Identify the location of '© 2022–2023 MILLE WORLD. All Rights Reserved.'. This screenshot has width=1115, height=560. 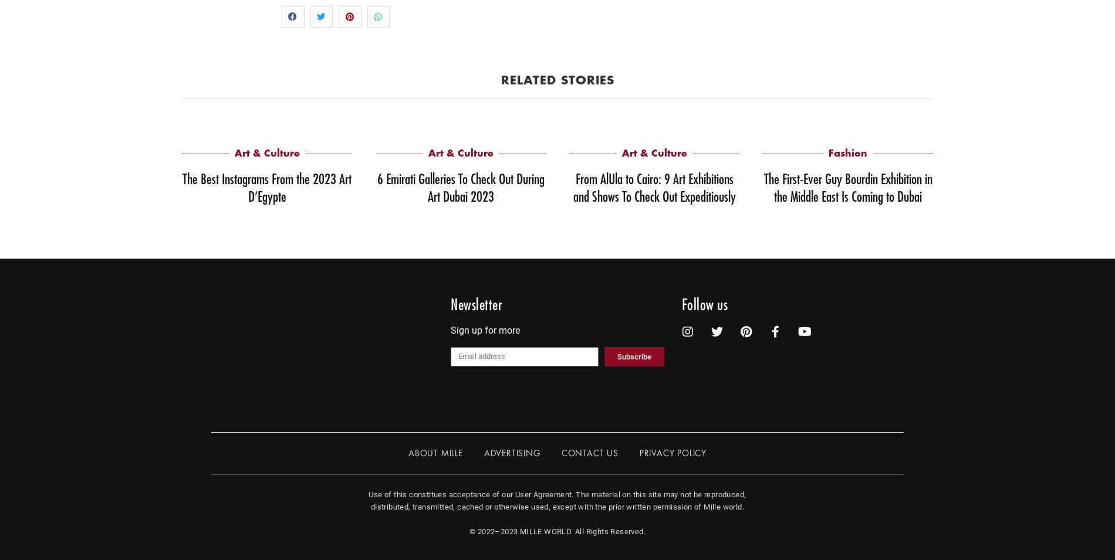
(557, 531).